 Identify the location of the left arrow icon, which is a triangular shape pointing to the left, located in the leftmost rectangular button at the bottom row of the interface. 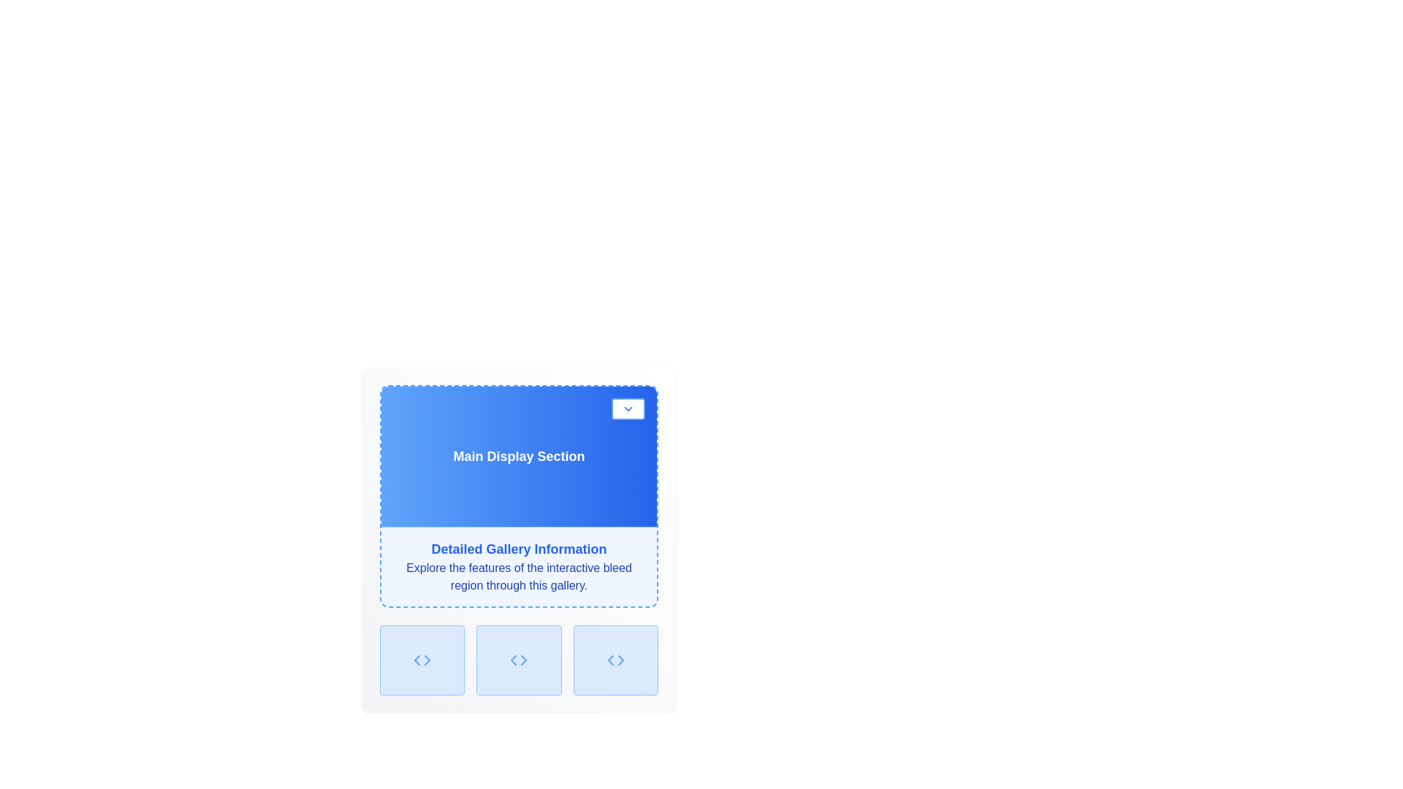
(610, 660).